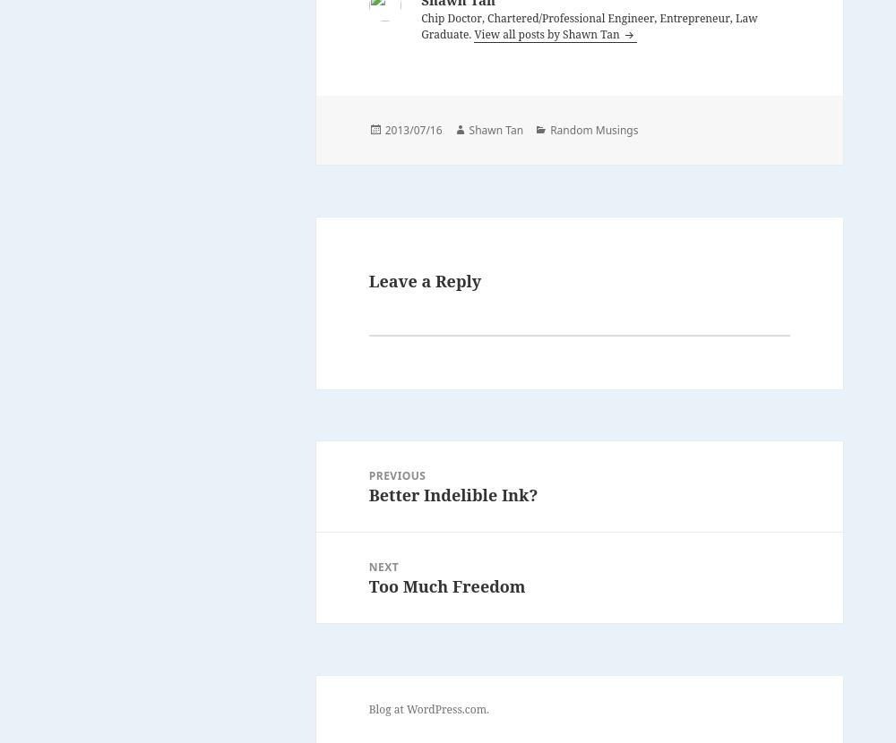 The image size is (896, 743). Describe the element at coordinates (547, 33) in the screenshot. I see `'View all posts by Shawn Tan'` at that location.